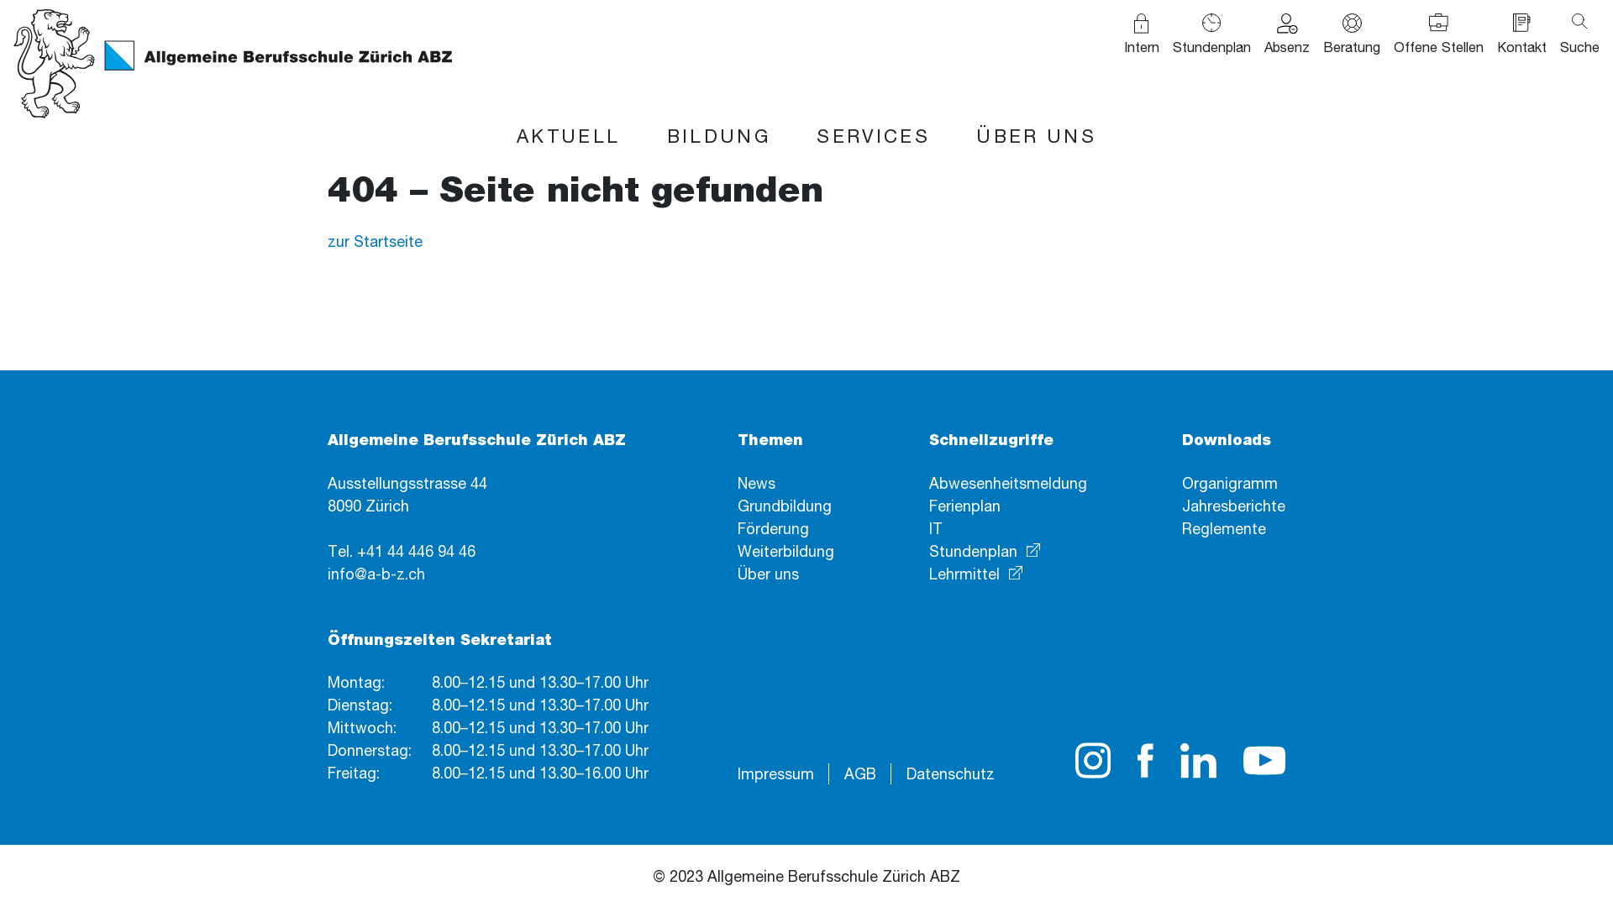 Image resolution: width=1613 pixels, height=907 pixels. I want to click on 'SERVICES', so click(873, 135).